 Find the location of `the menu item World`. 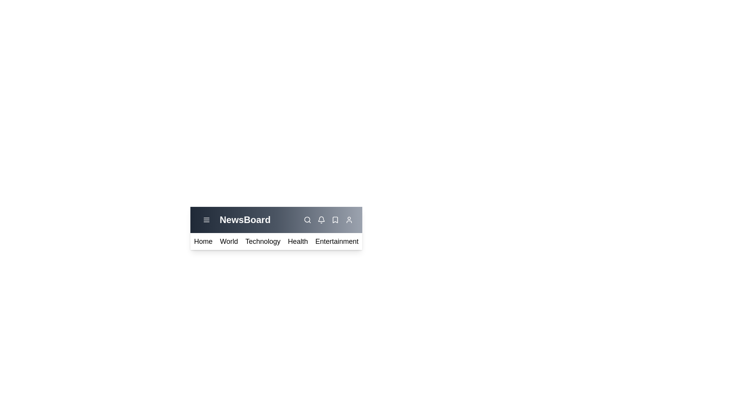

the menu item World is located at coordinates (229, 241).